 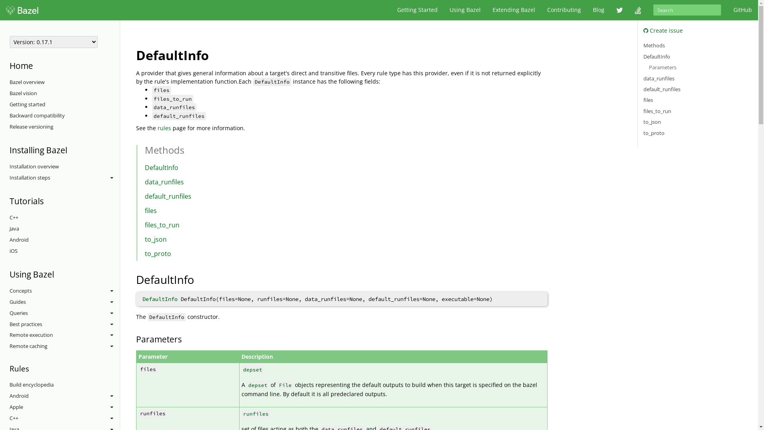 What do you see at coordinates (64, 335) in the screenshot?
I see `'Remote execution'` at bounding box center [64, 335].